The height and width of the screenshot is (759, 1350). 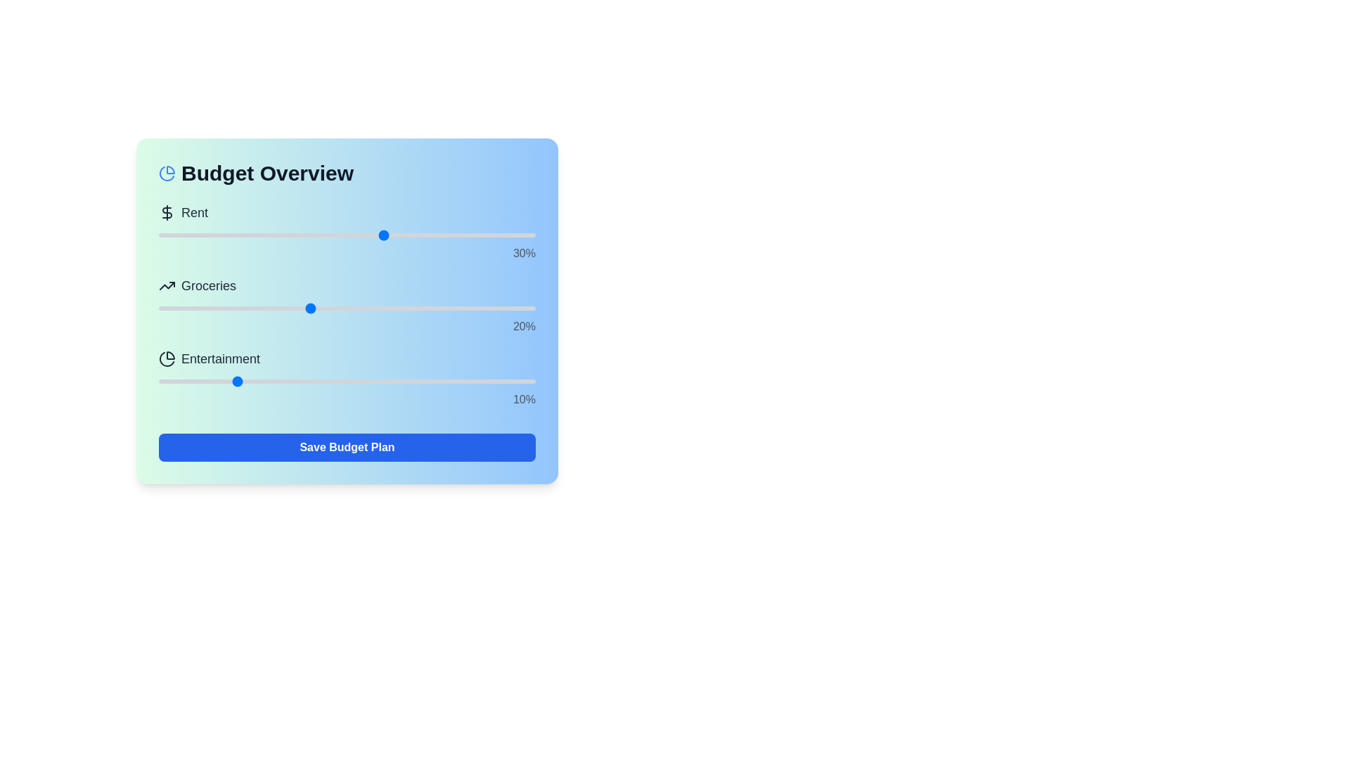 I want to click on the Rent budget allocation, so click(x=316, y=235).